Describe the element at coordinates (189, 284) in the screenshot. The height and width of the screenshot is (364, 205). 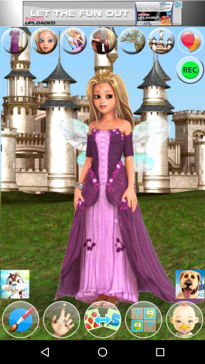
I see `save` at that location.